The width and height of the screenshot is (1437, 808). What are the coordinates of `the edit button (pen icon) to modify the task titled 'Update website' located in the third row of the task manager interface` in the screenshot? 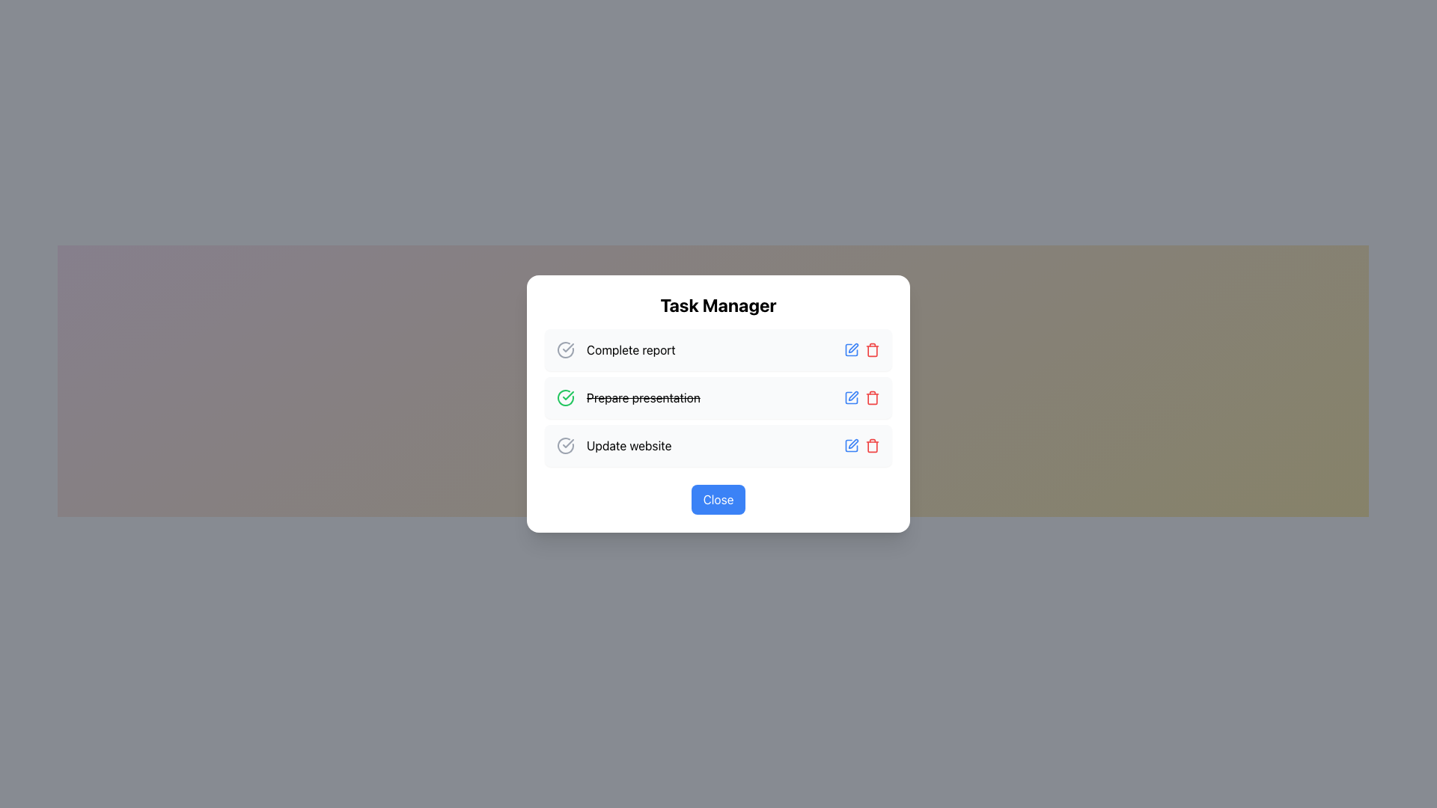 It's located at (853, 443).